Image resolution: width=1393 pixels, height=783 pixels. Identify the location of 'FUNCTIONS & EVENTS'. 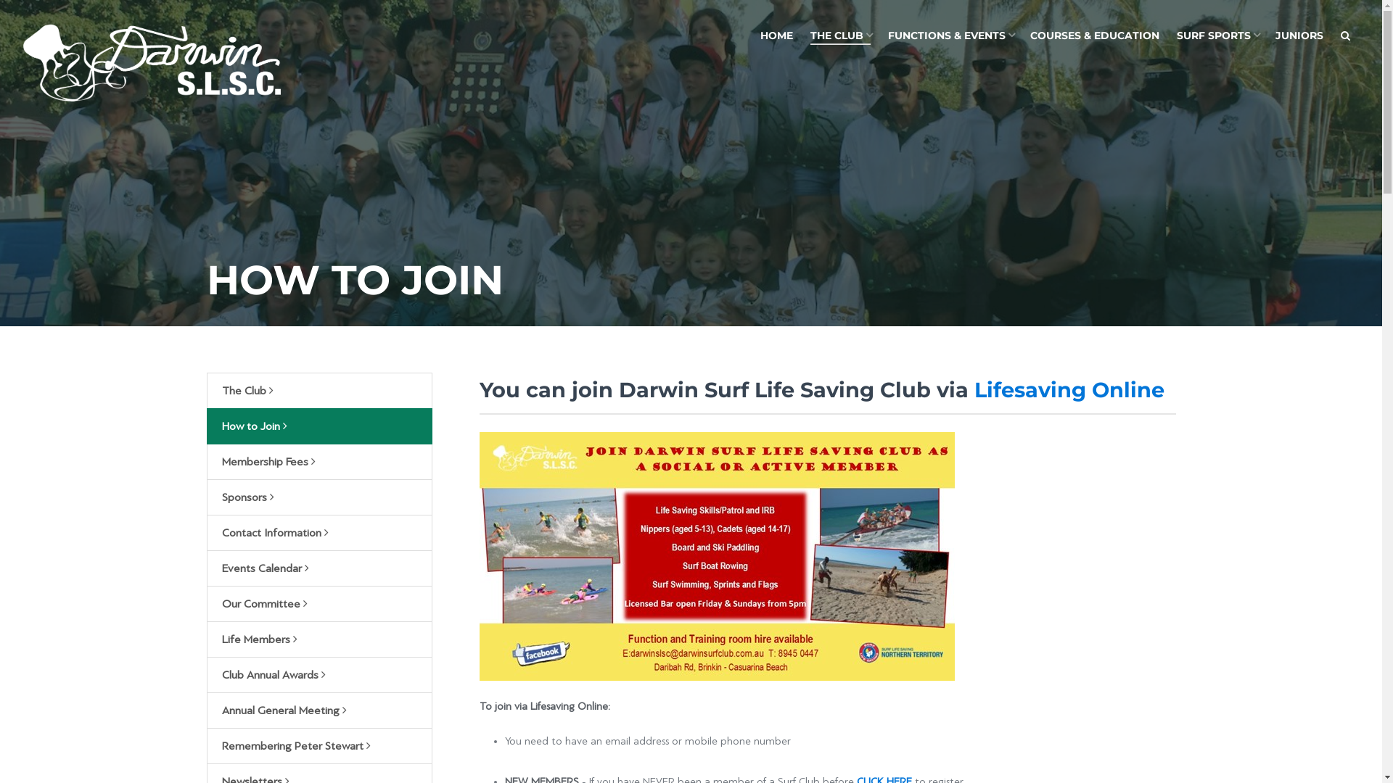
(950, 35).